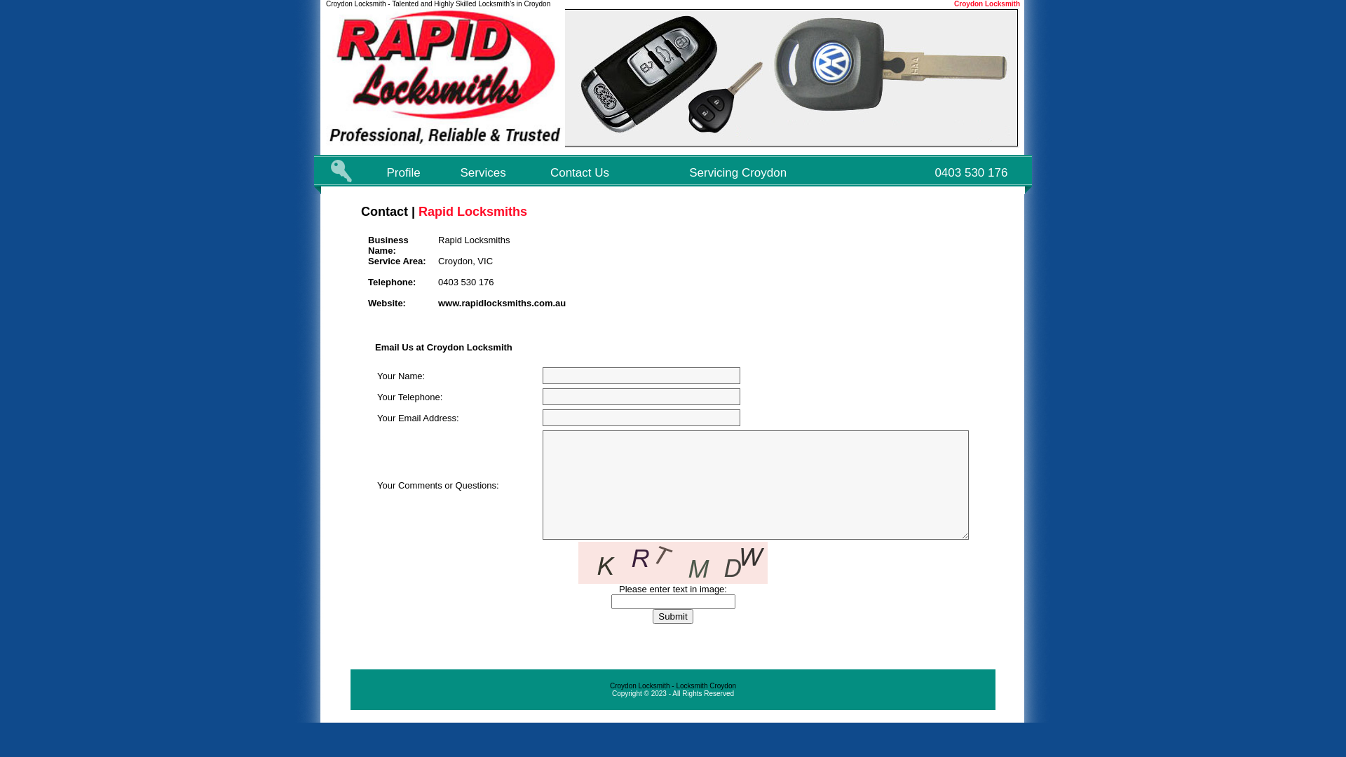  What do you see at coordinates (483, 171) in the screenshot?
I see `'Services'` at bounding box center [483, 171].